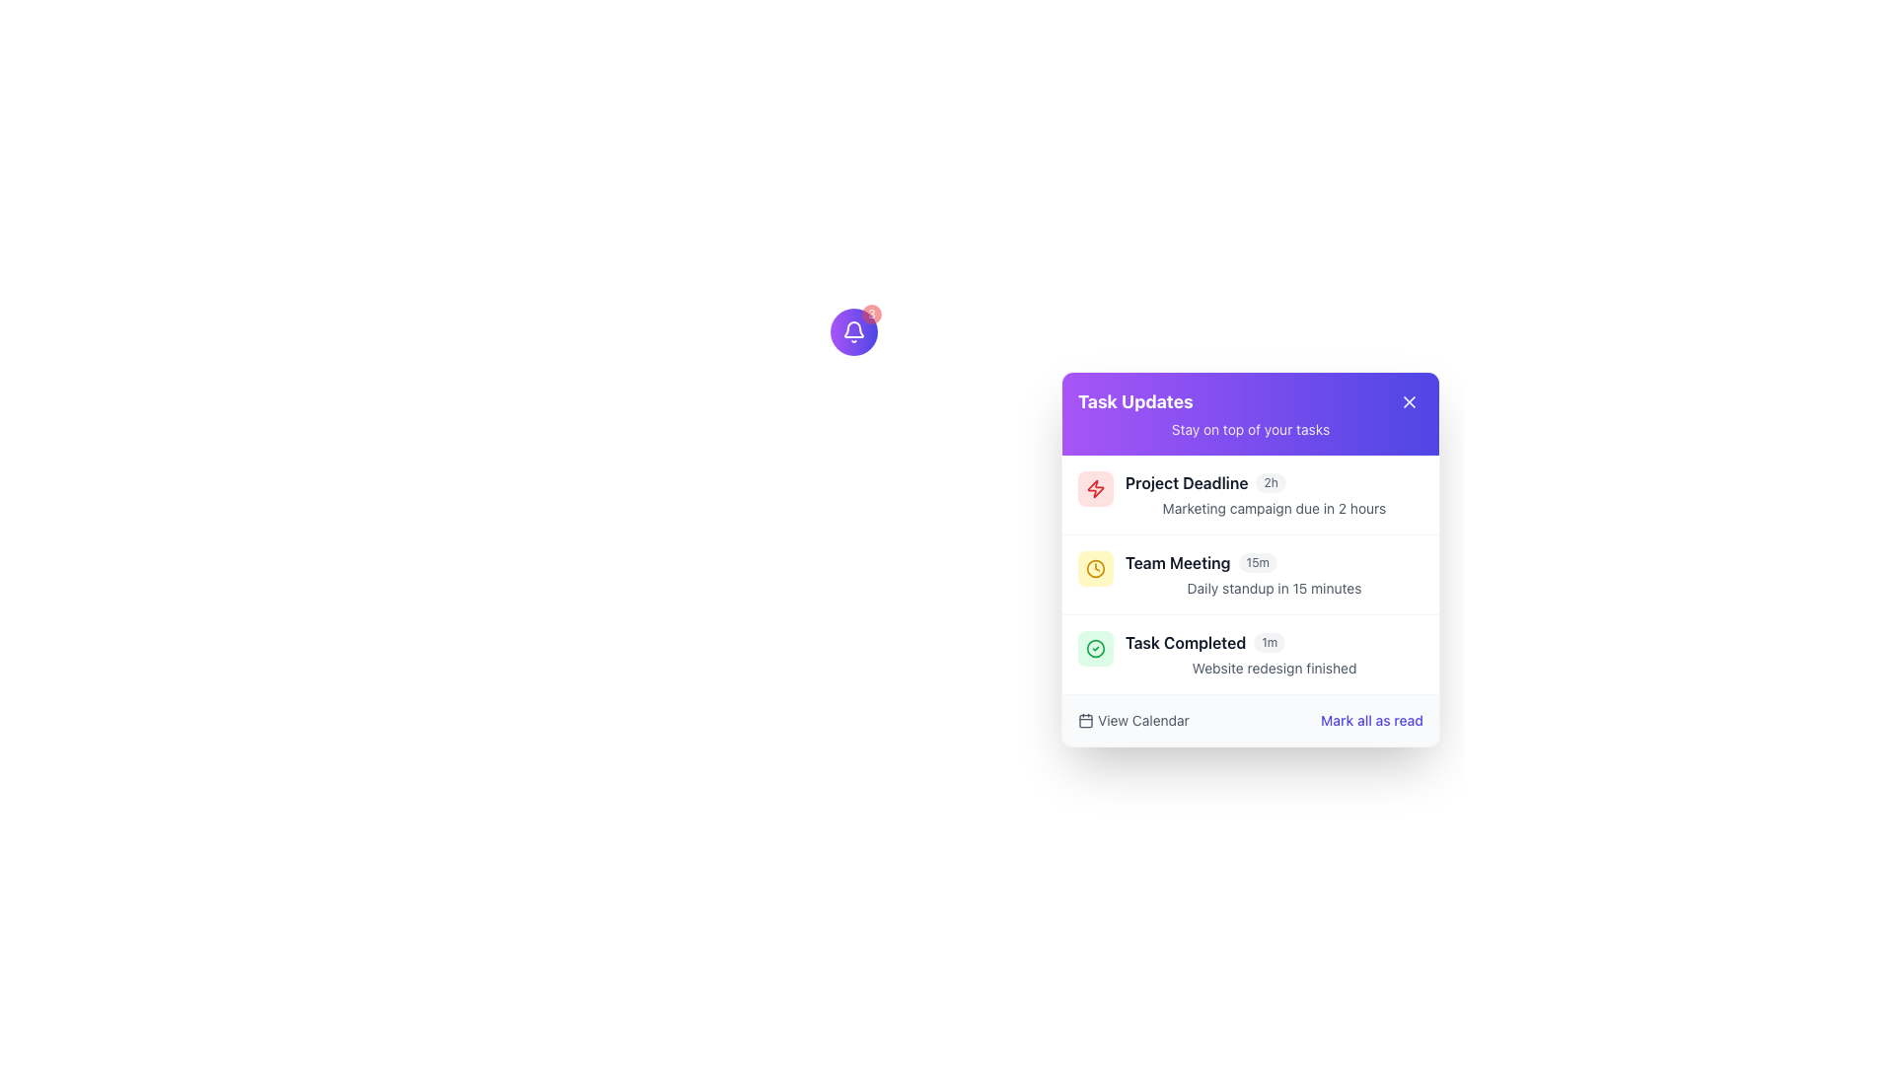 This screenshot has height=1065, width=1894. I want to click on text of the Label displaying 'Task Completed' which is bold and dark, positioned next to a green circular check mark icon, so click(1185, 642).